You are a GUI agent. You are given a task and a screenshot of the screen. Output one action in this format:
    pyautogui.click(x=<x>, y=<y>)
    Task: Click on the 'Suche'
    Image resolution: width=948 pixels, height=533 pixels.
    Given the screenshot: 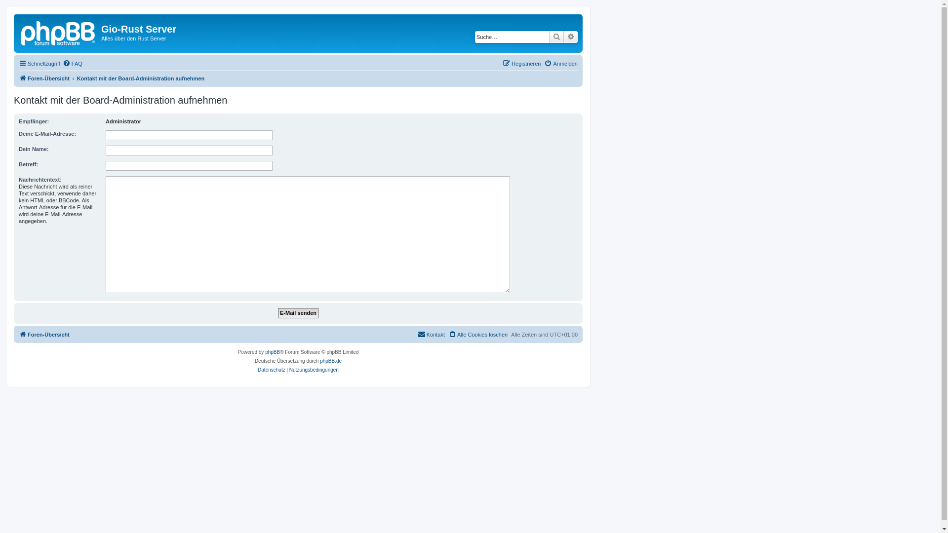 What is the action you would take?
    pyautogui.click(x=556, y=36)
    